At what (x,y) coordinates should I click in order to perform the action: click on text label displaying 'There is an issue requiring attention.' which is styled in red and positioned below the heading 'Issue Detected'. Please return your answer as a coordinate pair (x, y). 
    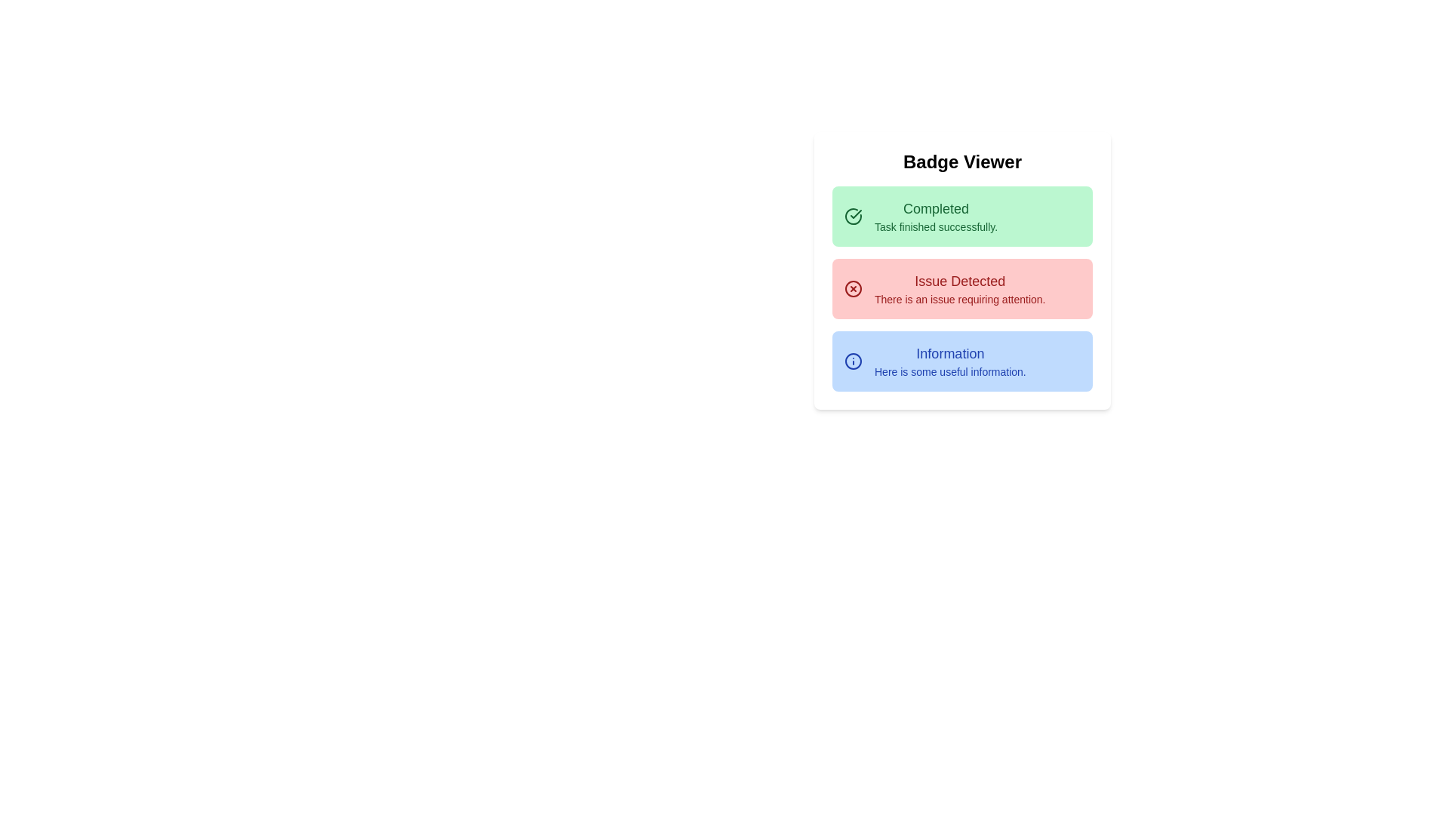
    Looking at the image, I should click on (959, 300).